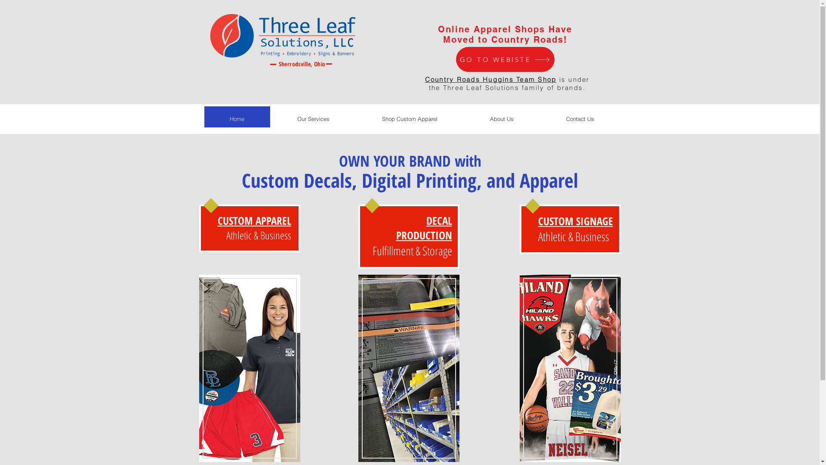 Image resolution: width=826 pixels, height=465 pixels. Describe the element at coordinates (423, 227) in the screenshot. I see `'DECAL PRODUCTION'` at that location.